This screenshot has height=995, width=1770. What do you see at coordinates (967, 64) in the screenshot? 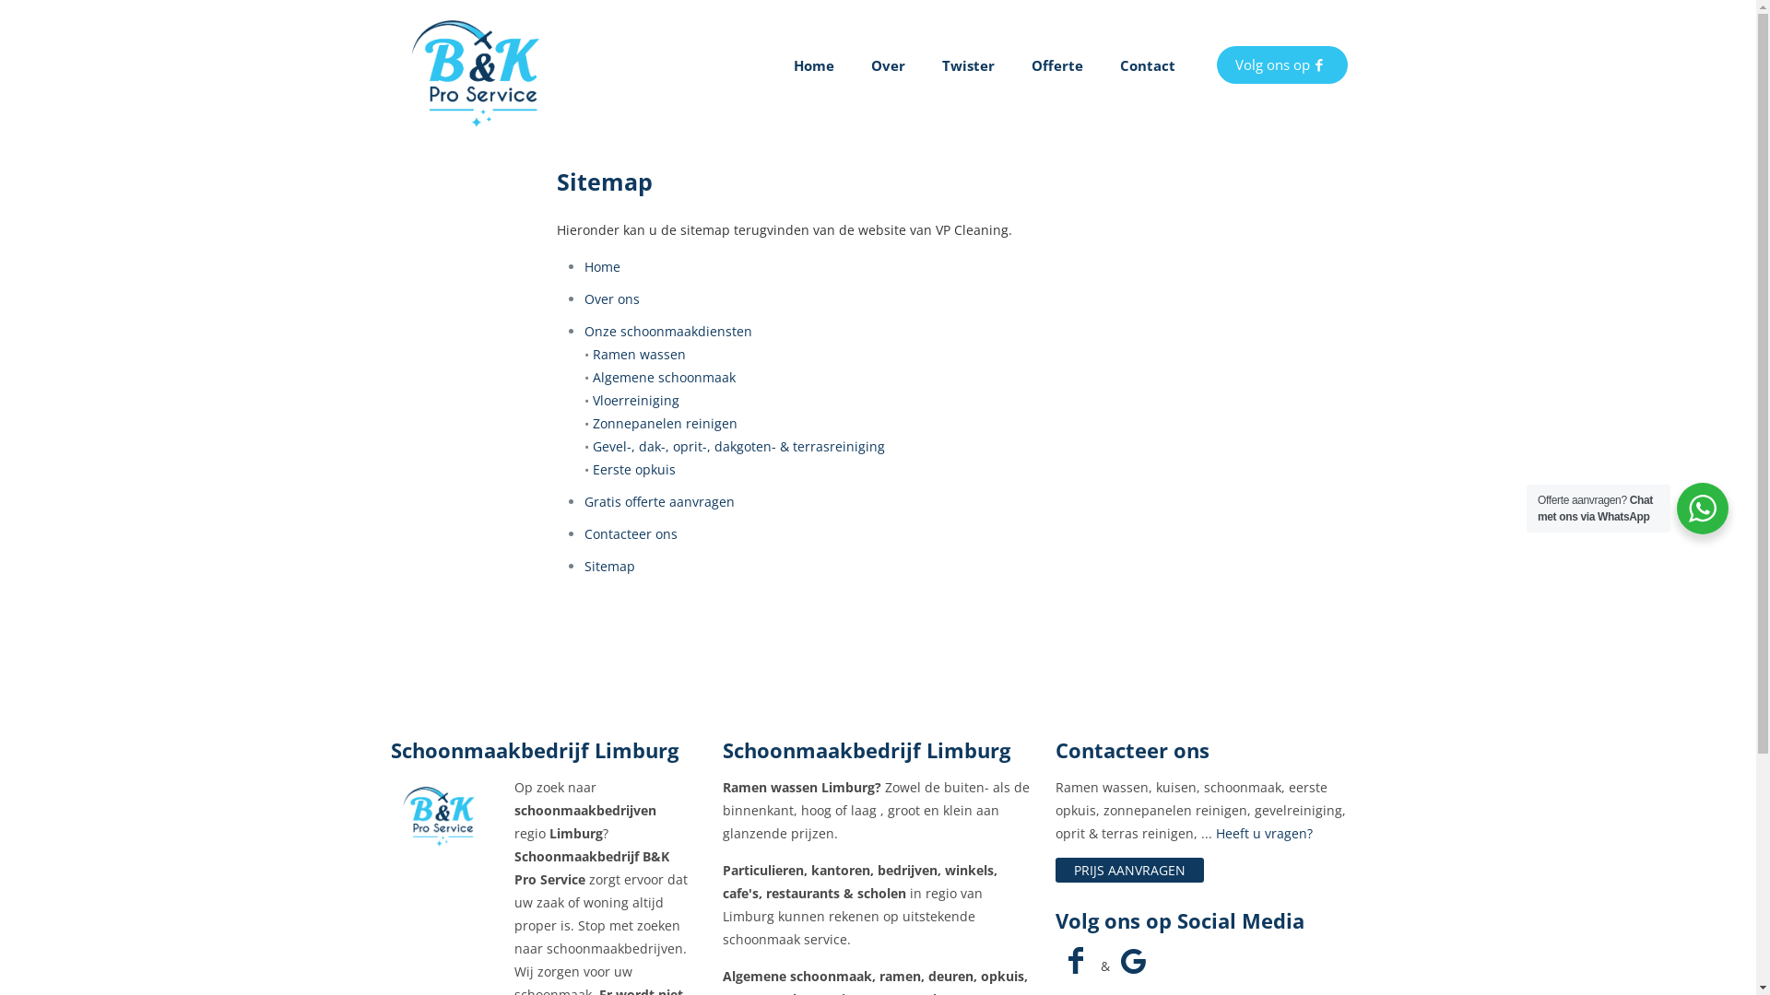
I see `'Twister'` at bounding box center [967, 64].